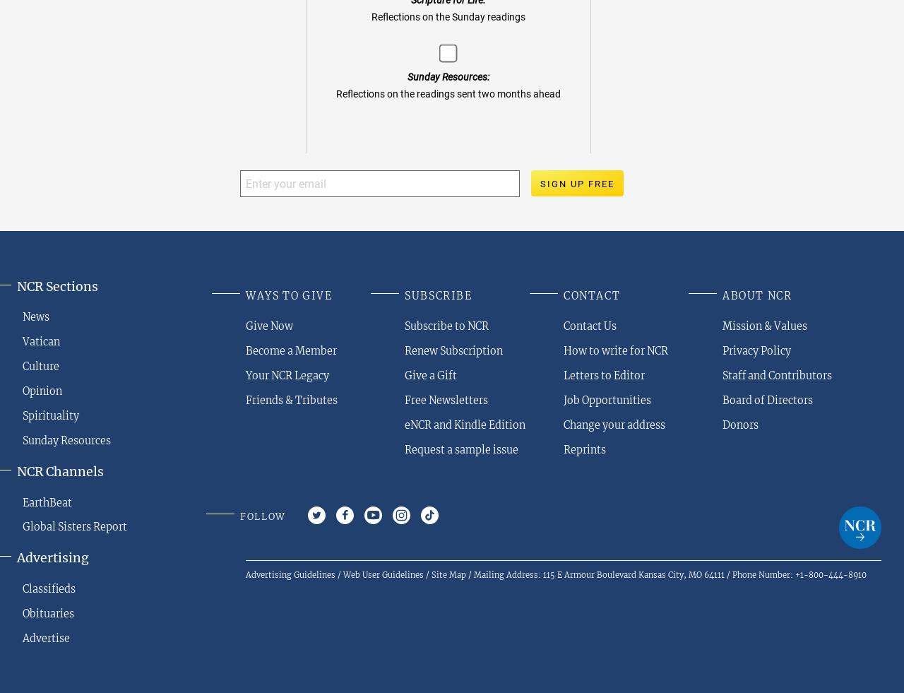 The image size is (904, 693). Describe the element at coordinates (40, 367) in the screenshot. I see `'Culture'` at that location.